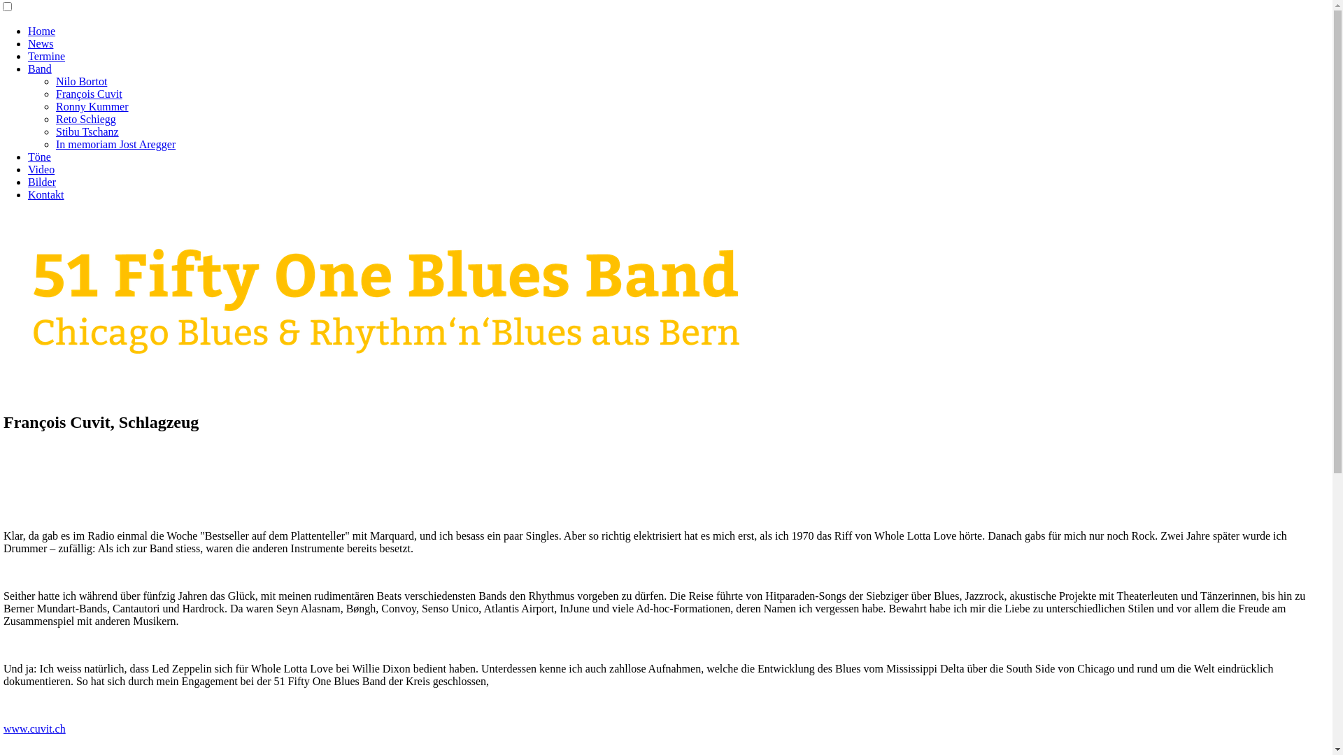  Describe the element at coordinates (34, 728) in the screenshot. I see `'www.cuvit.ch'` at that location.